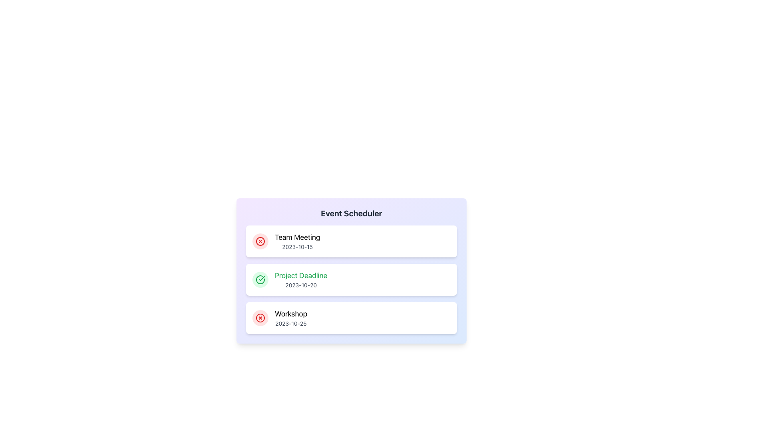 This screenshot has height=431, width=767. Describe the element at coordinates (290, 318) in the screenshot. I see `information displayed in the text element showing 'Workshop' and the date '2023-10-25', located at the bottommost section of the Event Scheduler interface` at that location.